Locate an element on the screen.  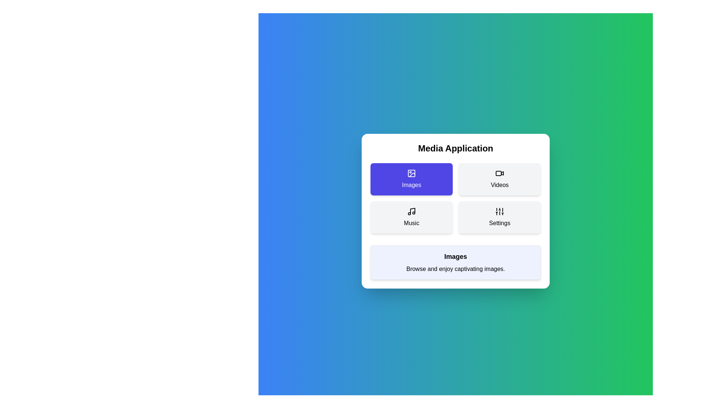
the menu item Videos to see its hover effect is located at coordinates (499, 179).